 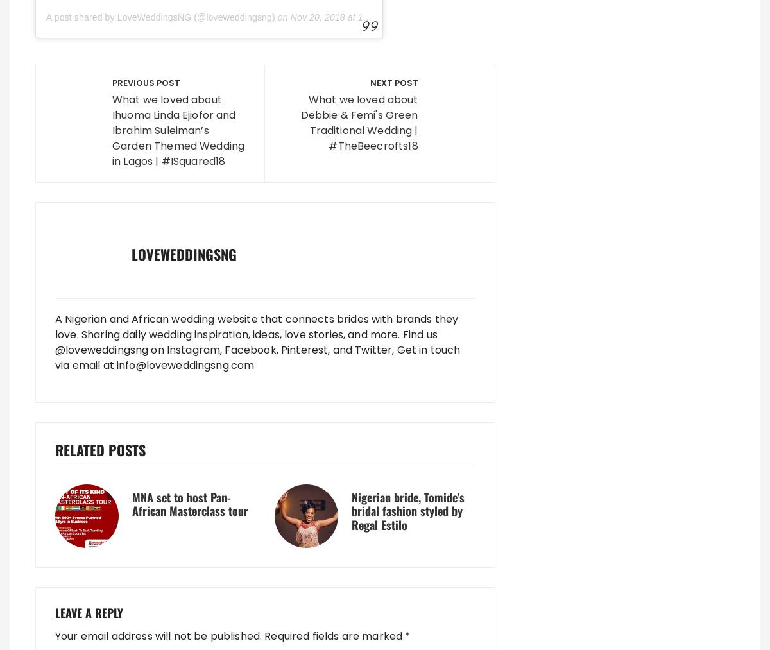 What do you see at coordinates (177, 561) in the screenshot?
I see `'Copyright ©  LoveWeddingsNG 2022 . All Rights Reserved'` at bounding box center [177, 561].